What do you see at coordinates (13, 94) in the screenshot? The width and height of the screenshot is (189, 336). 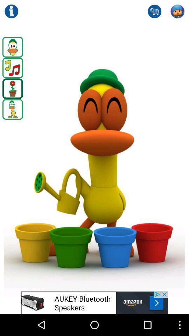 I see `the location icon` at bounding box center [13, 94].